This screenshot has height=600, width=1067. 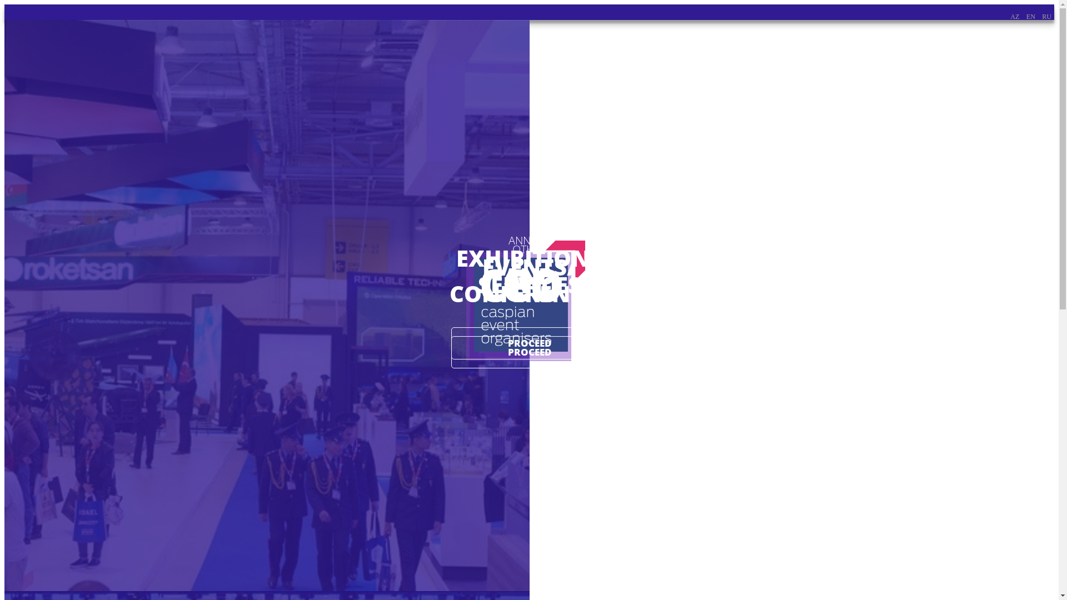 What do you see at coordinates (451, 352) in the screenshot?
I see `'PROCEED'` at bounding box center [451, 352].